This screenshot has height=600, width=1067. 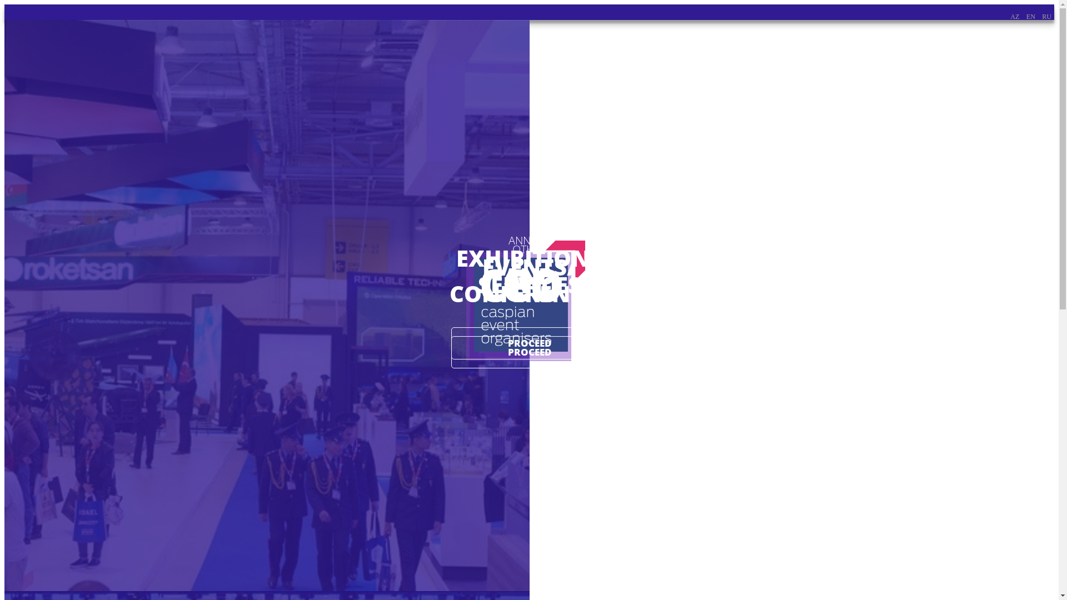 What do you see at coordinates (451, 352) in the screenshot?
I see `'PROCEED'` at bounding box center [451, 352].